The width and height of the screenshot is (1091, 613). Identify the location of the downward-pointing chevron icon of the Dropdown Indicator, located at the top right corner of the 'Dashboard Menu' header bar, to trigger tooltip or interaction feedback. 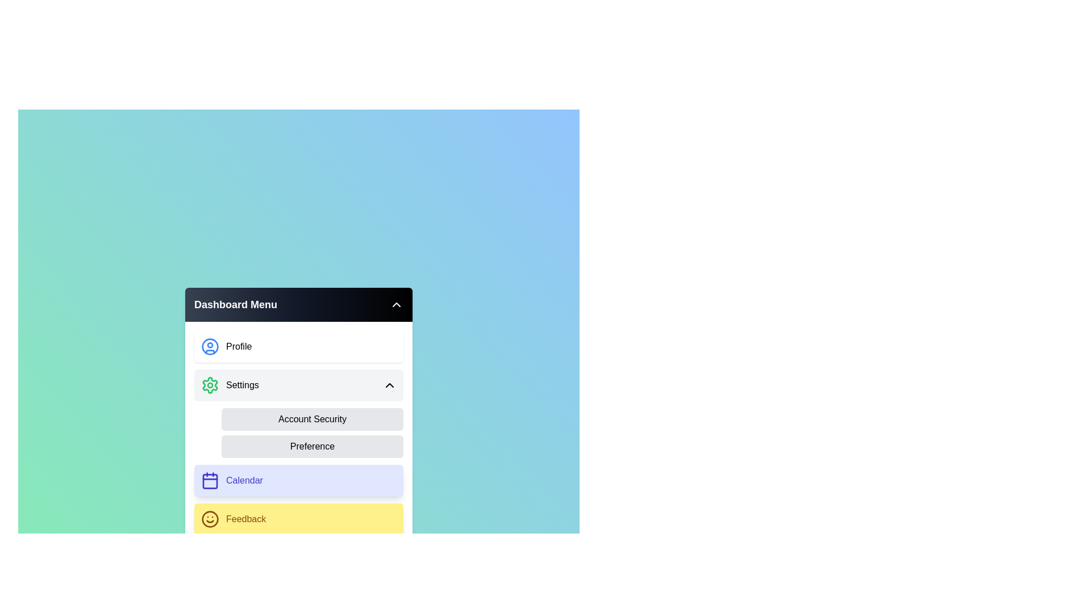
(396, 304).